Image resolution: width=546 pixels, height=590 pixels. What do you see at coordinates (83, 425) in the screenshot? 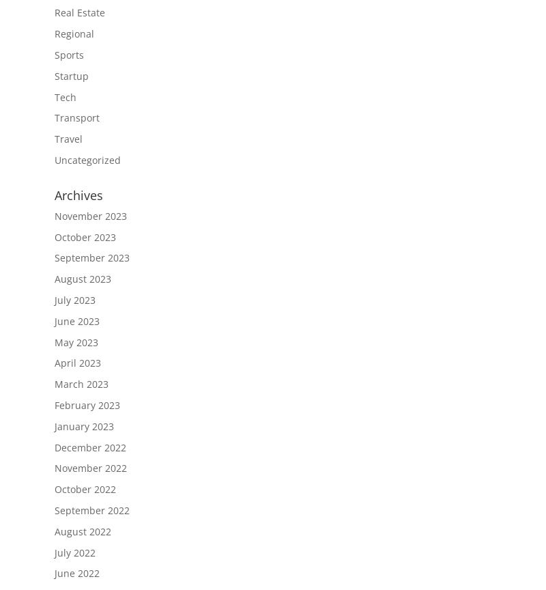
I see `'January 2023'` at bounding box center [83, 425].